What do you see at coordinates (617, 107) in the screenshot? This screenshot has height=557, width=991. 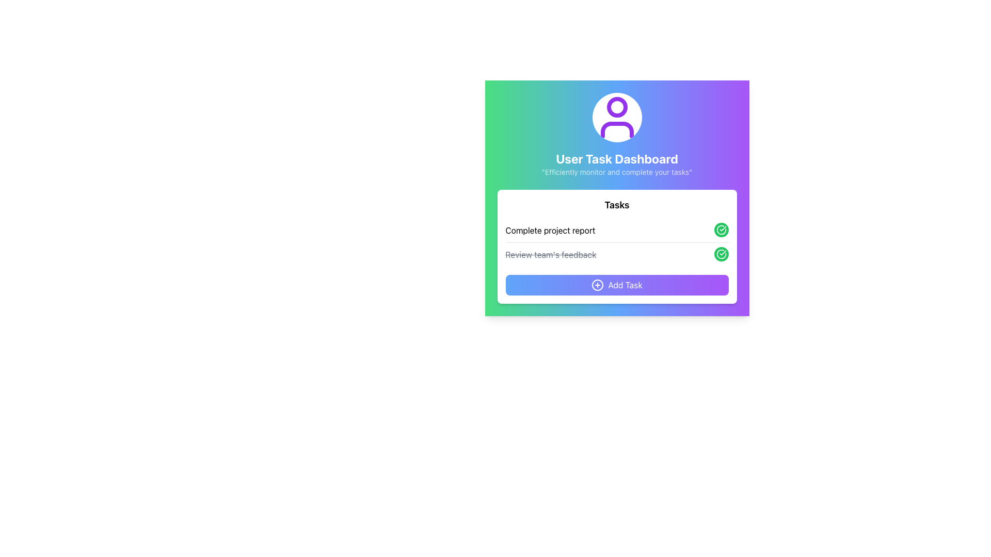 I see `the Graphical Decorative Element located at the top section of the user profile icon, which enhances its visual design` at bounding box center [617, 107].